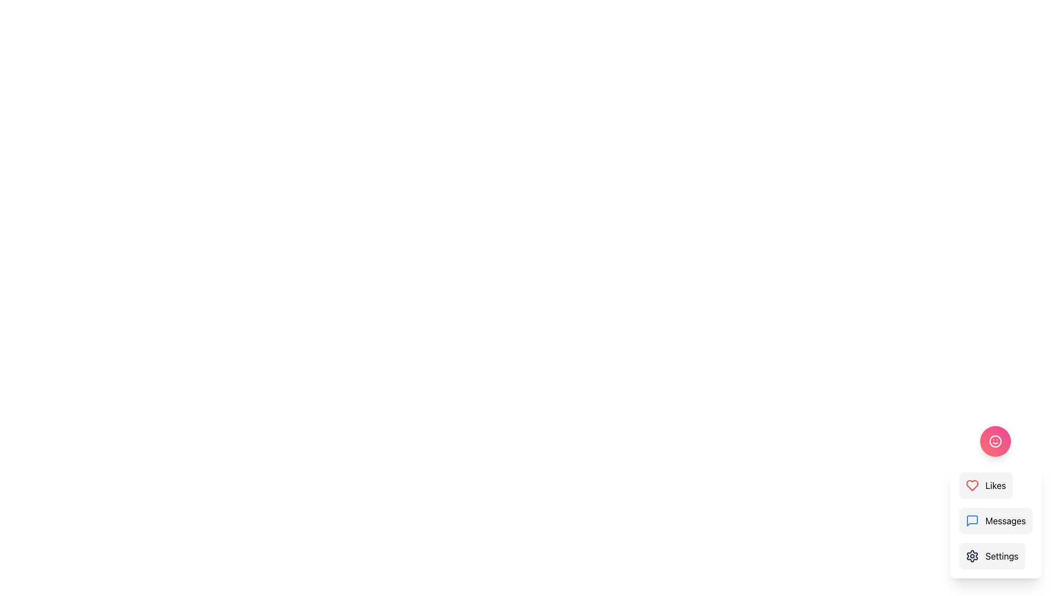  I want to click on 'Messages' text label displayed in a standard sans-serif font on a light gray background, located in the second item of a vertical list of options, positioned between 'Likes' and 'Settings', so click(1005, 521).